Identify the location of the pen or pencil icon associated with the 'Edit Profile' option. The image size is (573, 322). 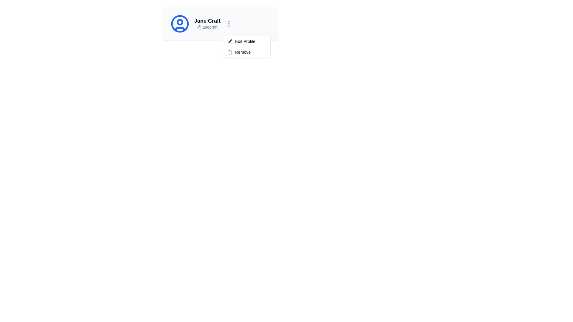
(230, 41).